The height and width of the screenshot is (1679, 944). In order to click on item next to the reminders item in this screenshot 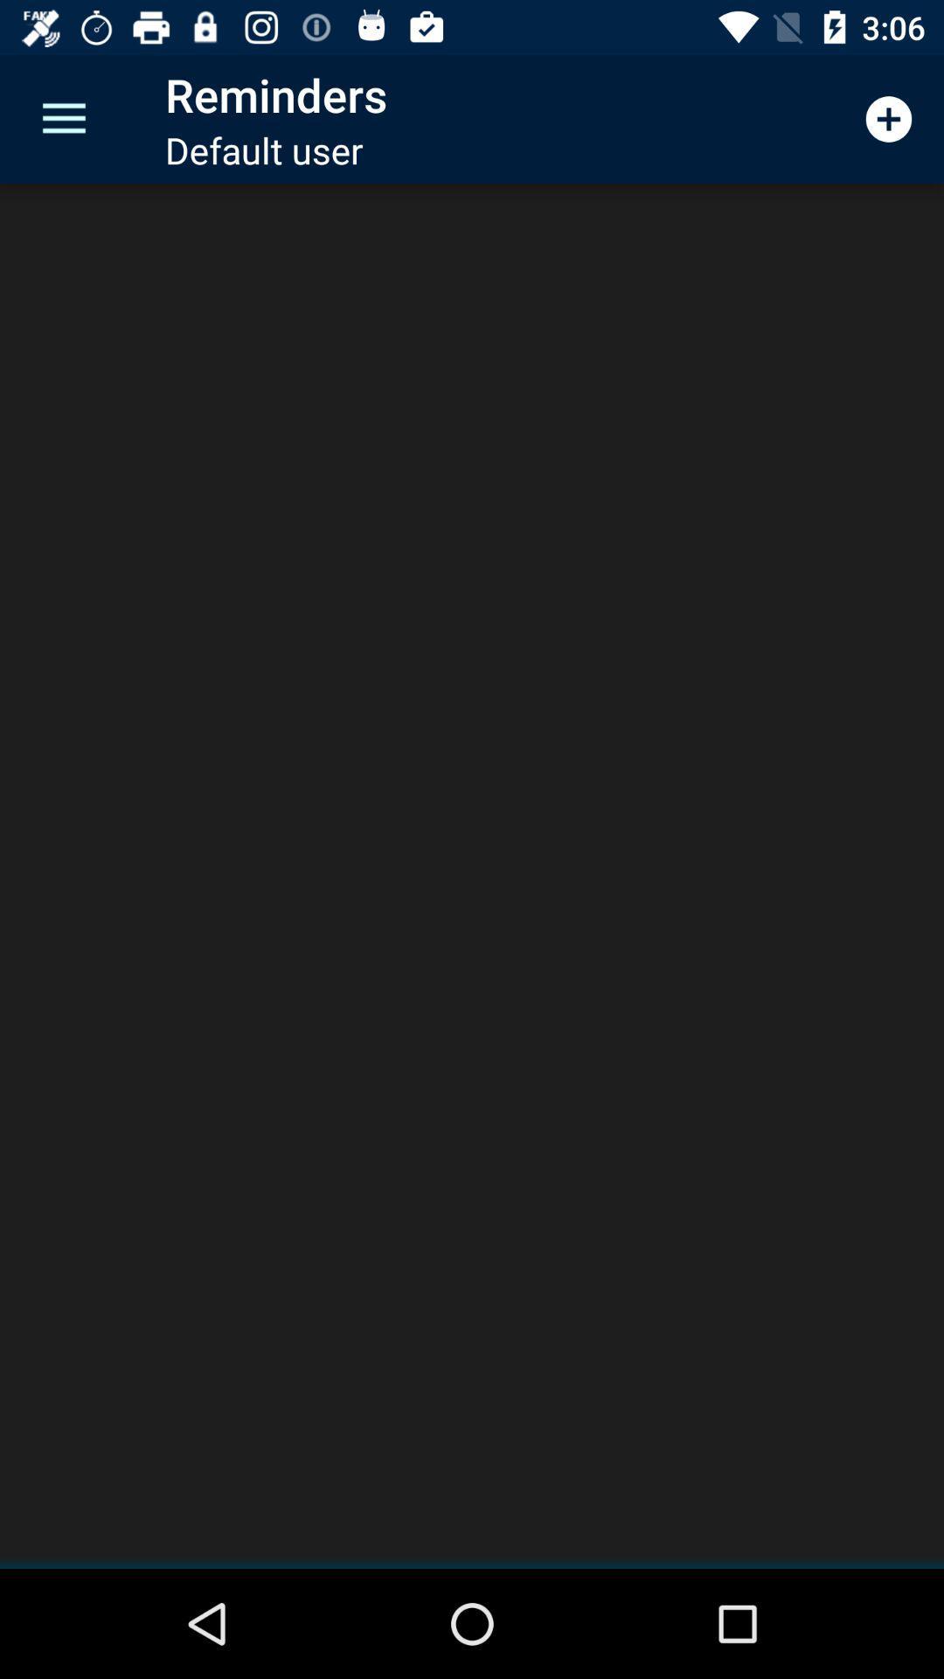, I will do `click(889, 118)`.